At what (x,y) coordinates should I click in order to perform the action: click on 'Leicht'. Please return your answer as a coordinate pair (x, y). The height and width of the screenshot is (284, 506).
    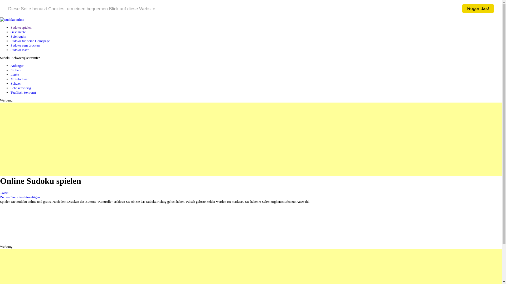
    Looking at the image, I should click on (15, 74).